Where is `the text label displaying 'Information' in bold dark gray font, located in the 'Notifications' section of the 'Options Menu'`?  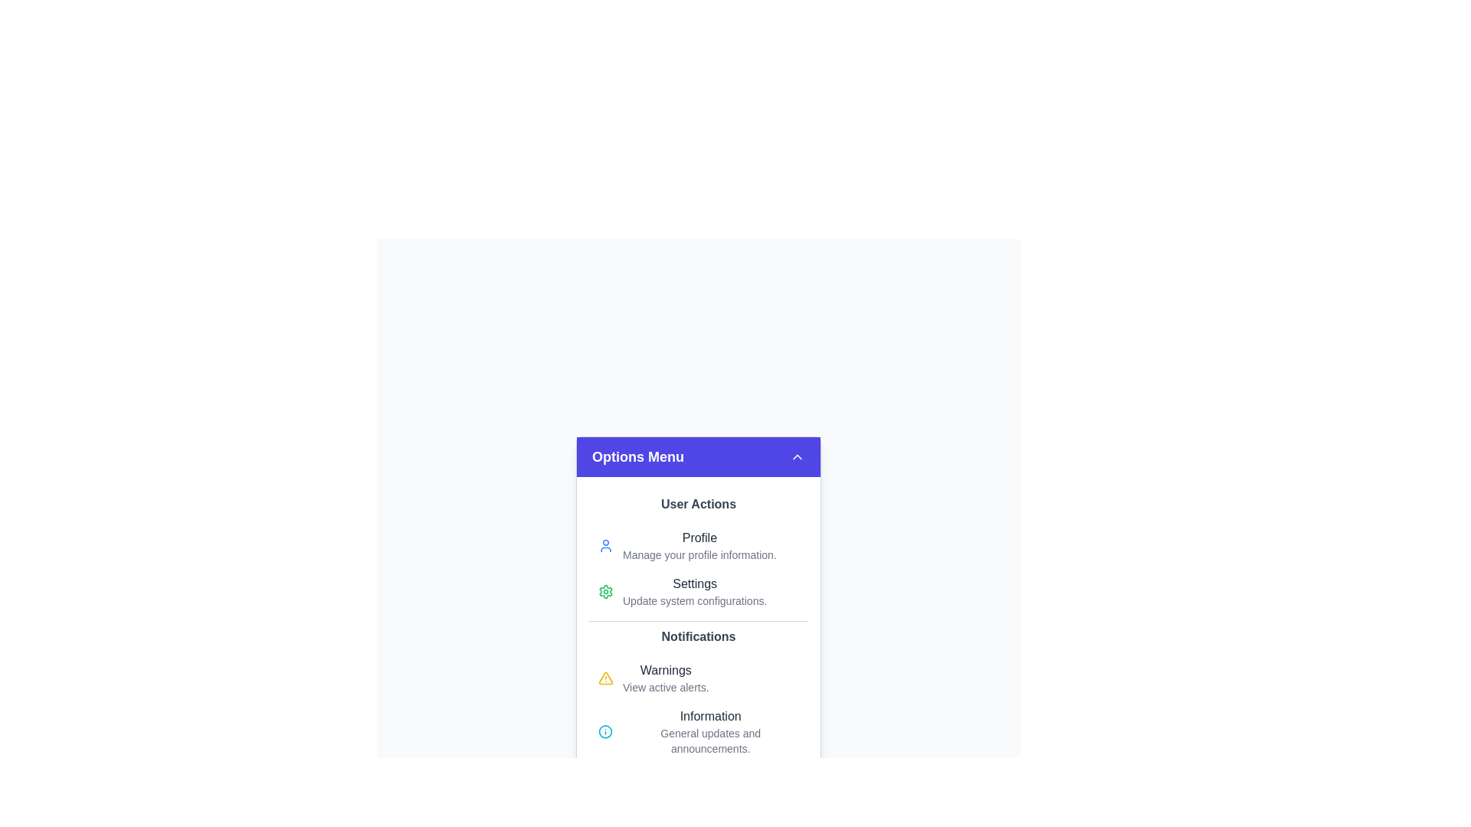 the text label displaying 'Information' in bold dark gray font, located in the 'Notifications' section of the 'Options Menu' is located at coordinates (709, 717).